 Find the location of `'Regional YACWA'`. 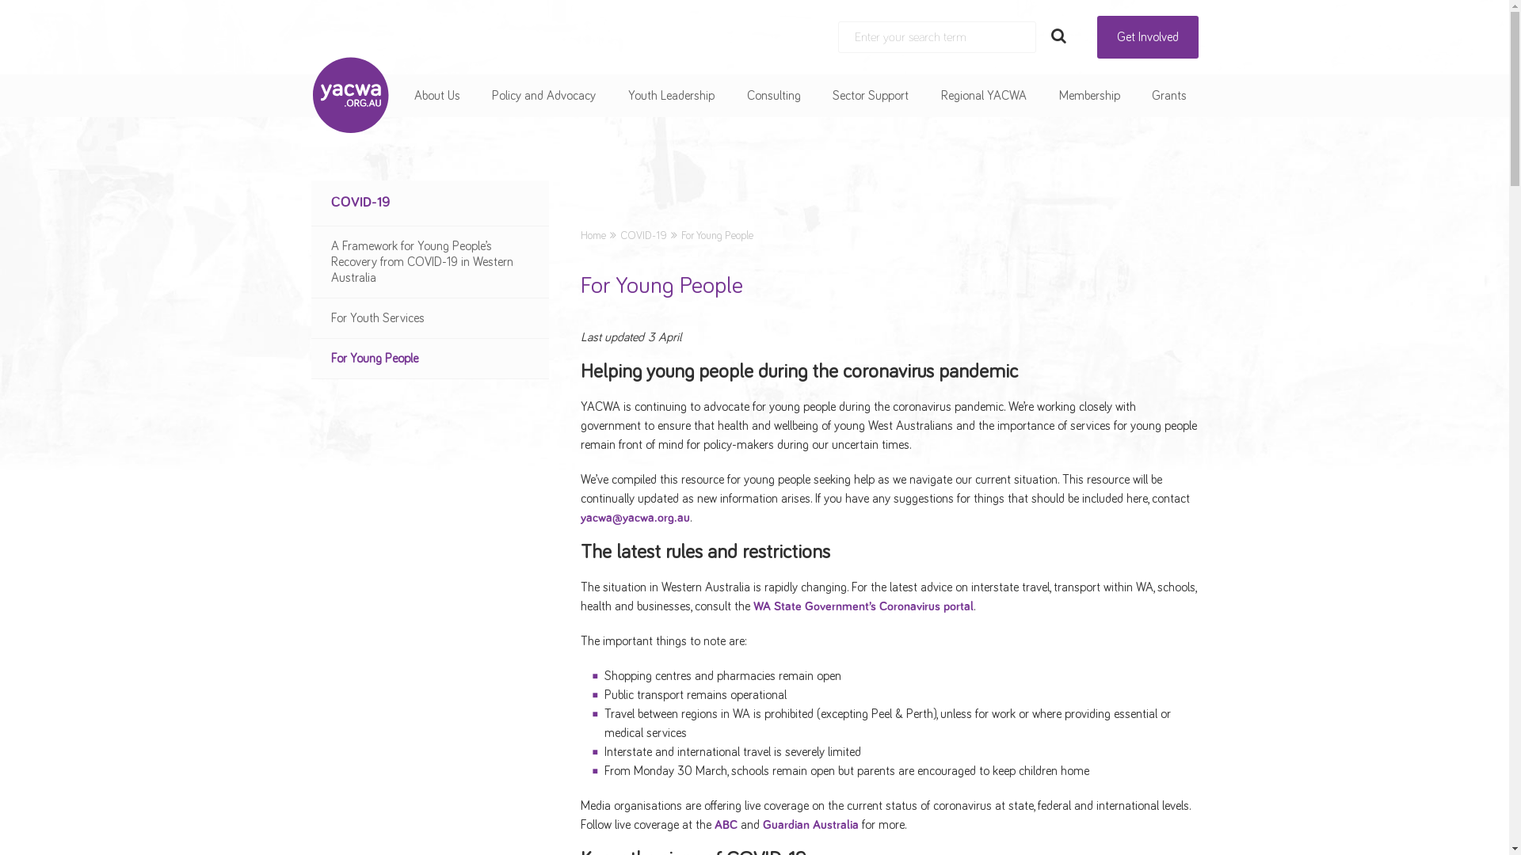

'Regional YACWA' is located at coordinates (983, 95).